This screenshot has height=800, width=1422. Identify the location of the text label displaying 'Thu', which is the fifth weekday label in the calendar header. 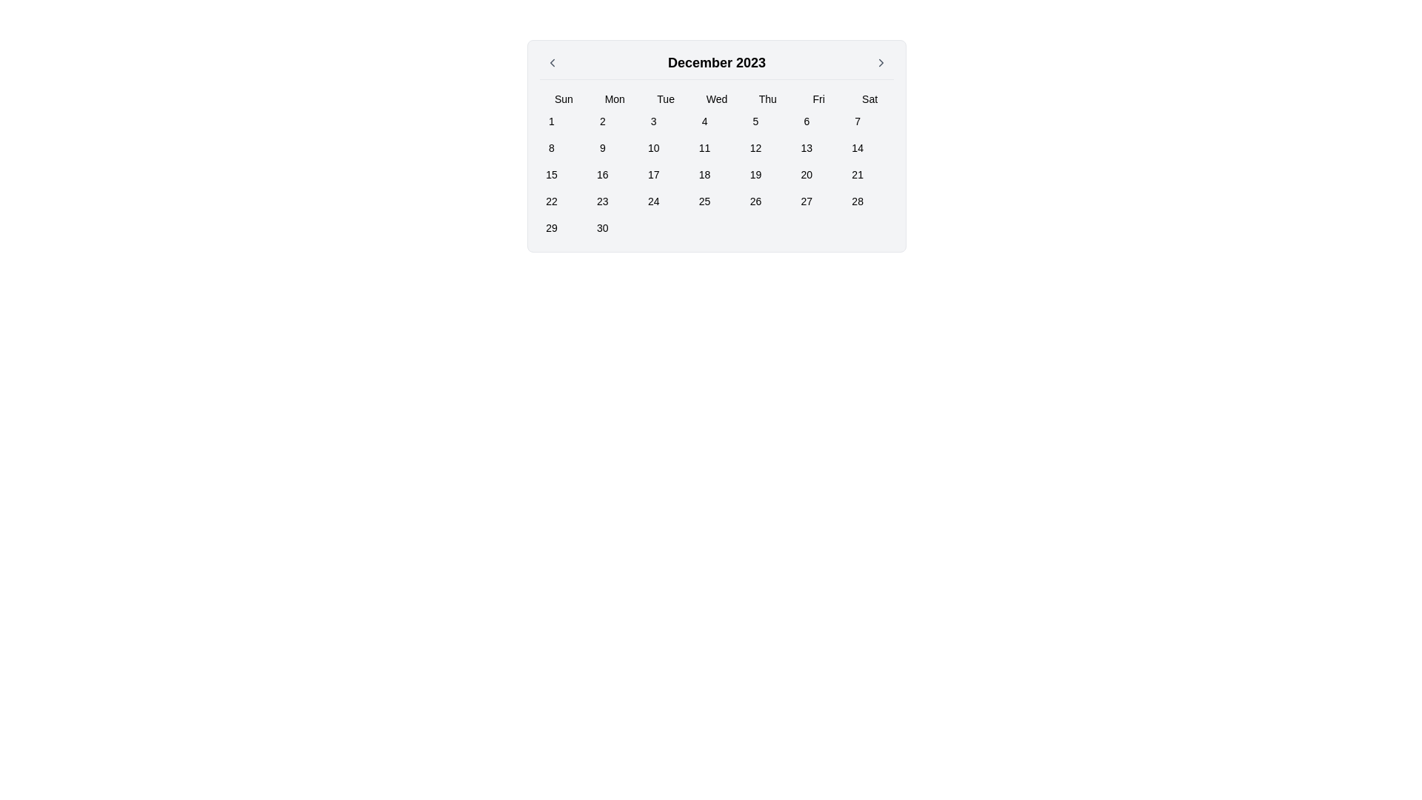
(767, 99).